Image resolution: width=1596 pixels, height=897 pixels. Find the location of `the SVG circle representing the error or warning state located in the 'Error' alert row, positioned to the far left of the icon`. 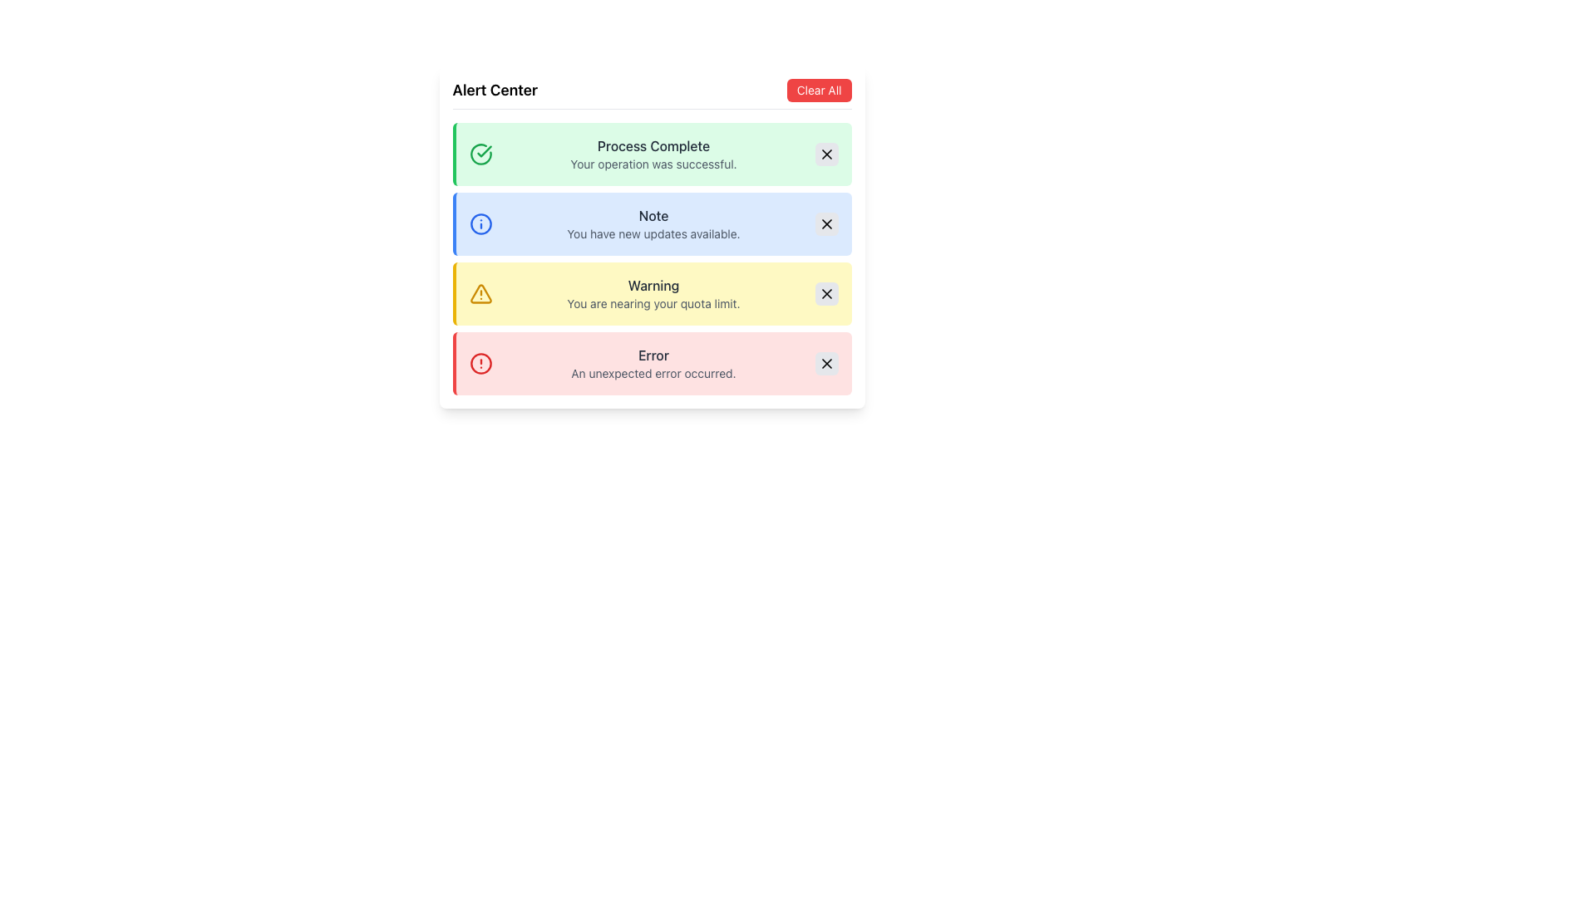

the SVG circle representing the error or warning state located in the 'Error' alert row, positioned to the far left of the icon is located at coordinates (480, 363).